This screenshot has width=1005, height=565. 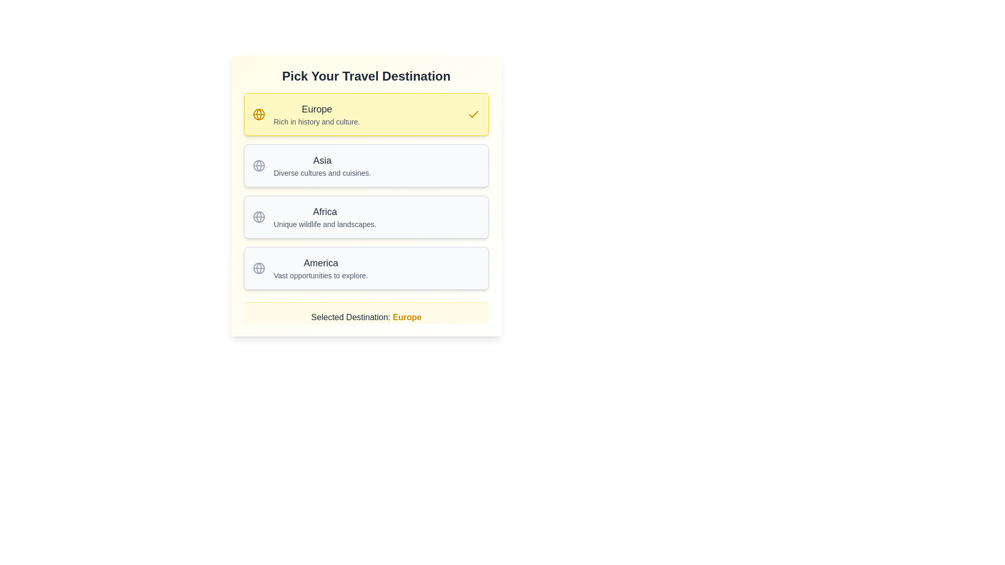 I want to click on the text element displaying 'Africa', so click(x=325, y=212).